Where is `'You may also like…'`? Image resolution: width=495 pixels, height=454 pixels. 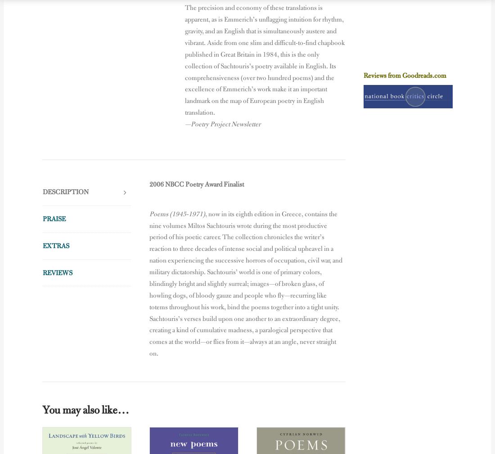 'You may also like…' is located at coordinates (85, 409).